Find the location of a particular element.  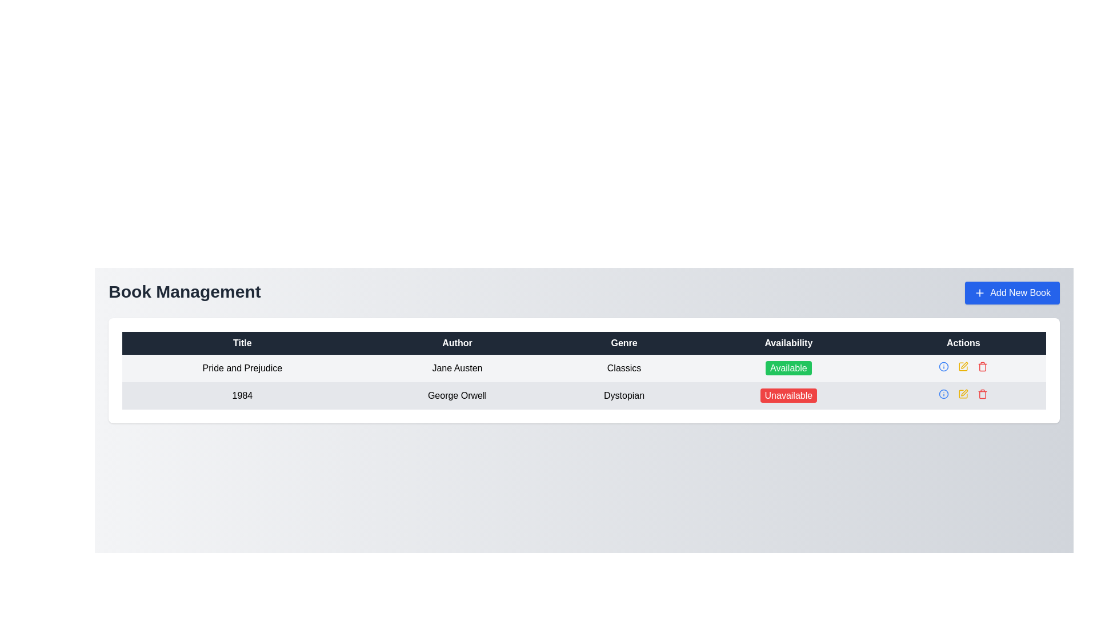

the text label displaying the title 'Pride and Prejudice', which is located in the first cell of the row directly under the table header, adjacent to the 'Author' field showing 'Jane Austen' is located at coordinates (242, 368).